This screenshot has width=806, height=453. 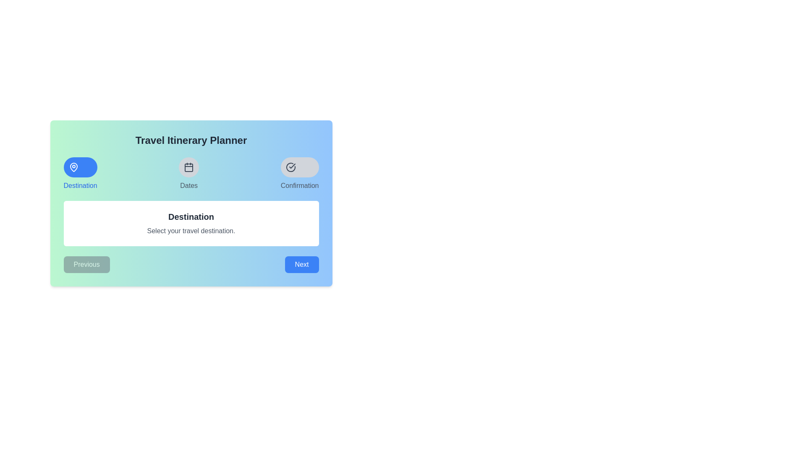 What do you see at coordinates (188, 174) in the screenshot?
I see `the circular icon with a calendar symbol and the label 'Dates'` at bounding box center [188, 174].